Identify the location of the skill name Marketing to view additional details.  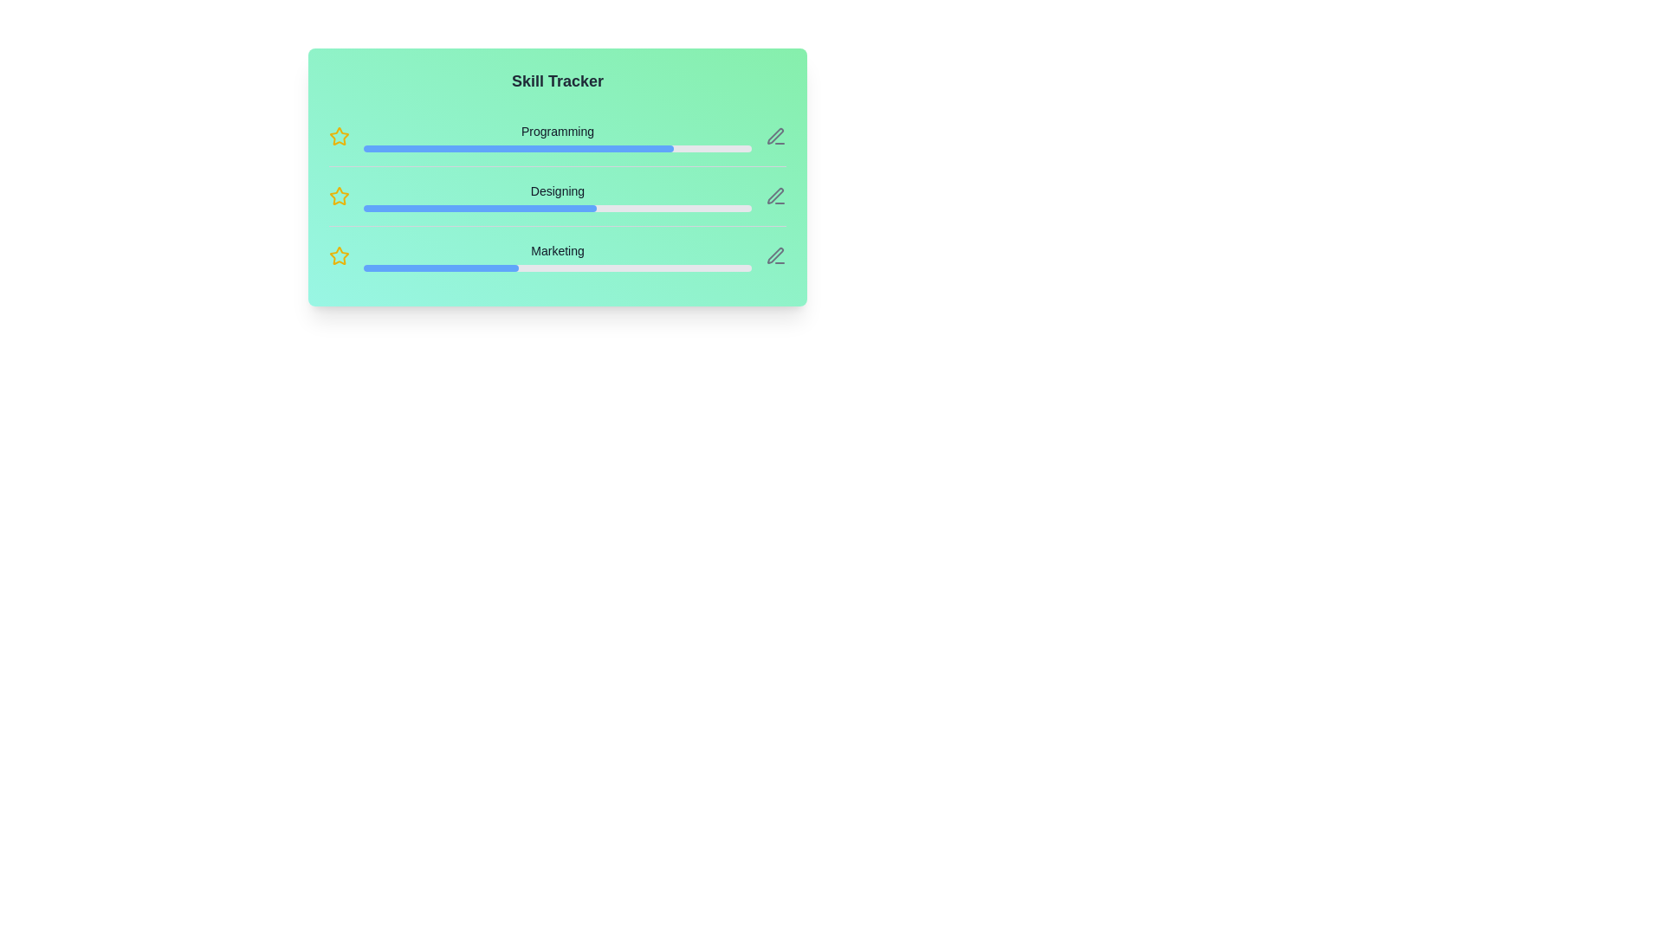
(557, 250).